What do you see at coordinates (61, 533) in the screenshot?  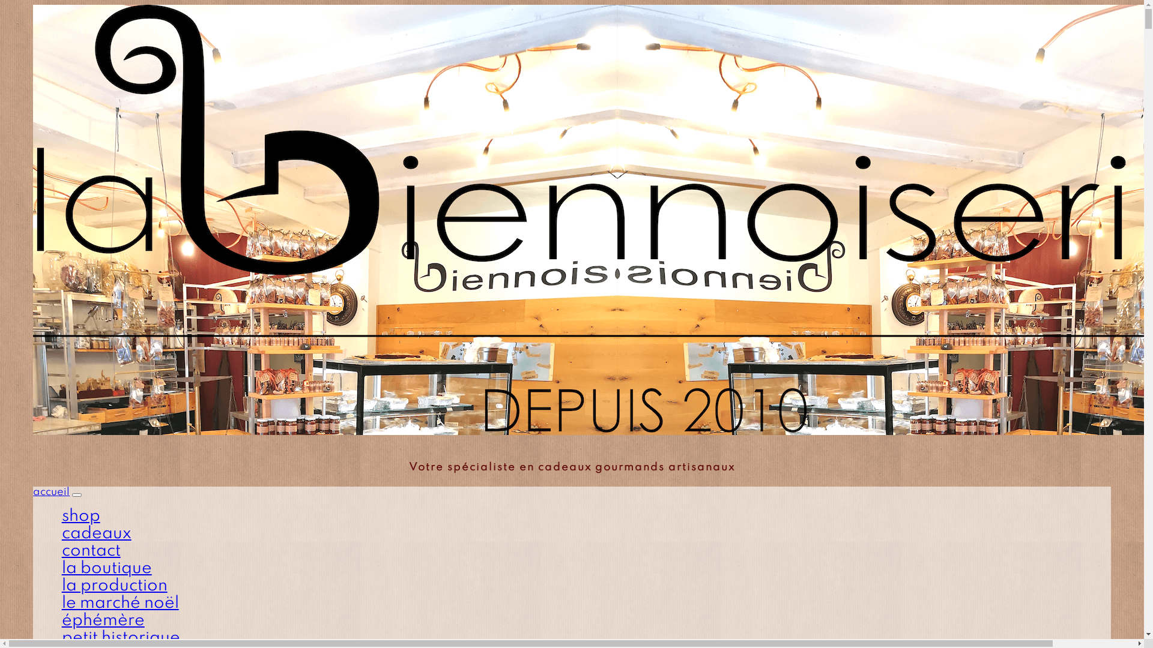 I see `'cadeaux'` at bounding box center [61, 533].